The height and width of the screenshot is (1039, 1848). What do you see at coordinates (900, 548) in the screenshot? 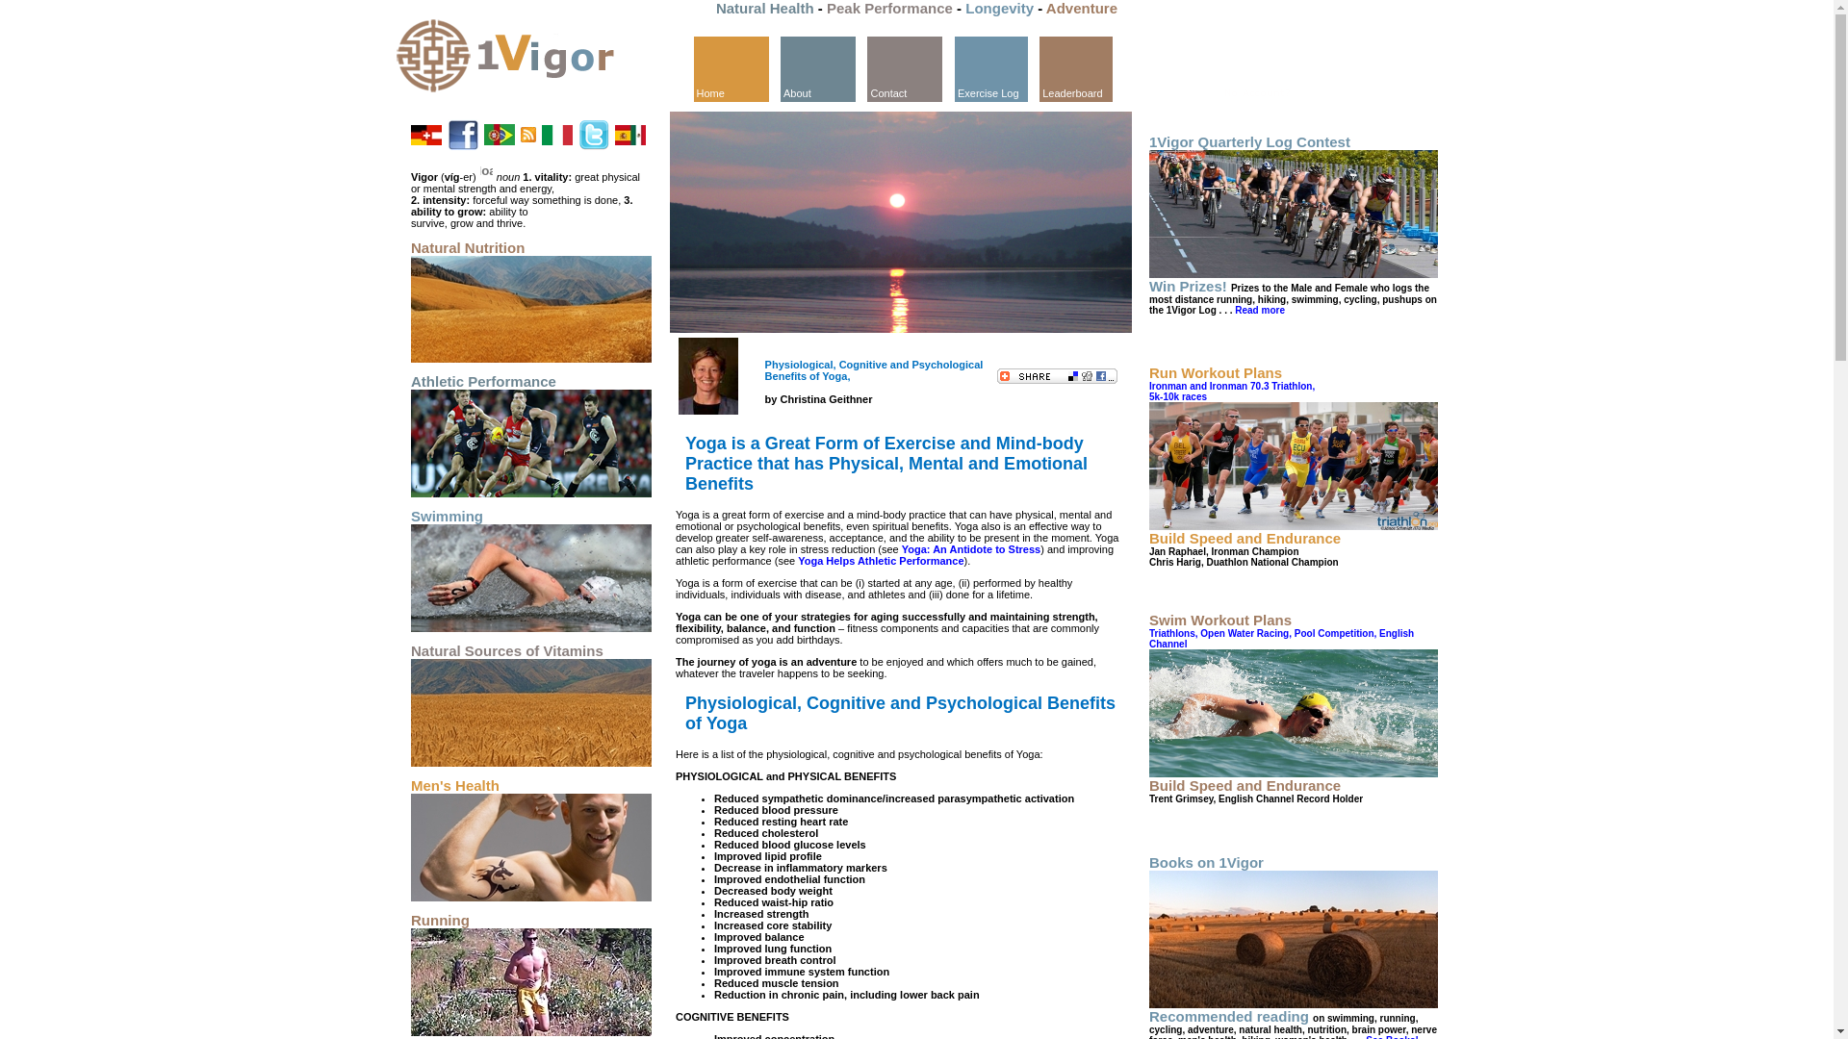
I see `'Yoga: An Antidote to Stress'` at bounding box center [900, 548].